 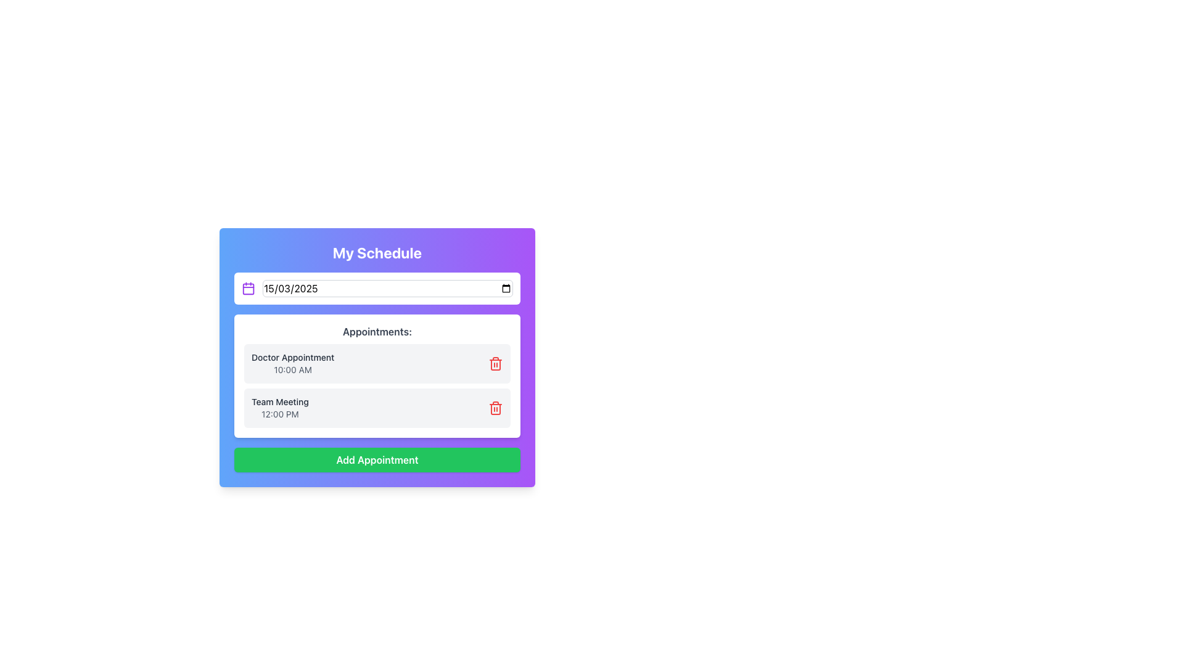 What do you see at coordinates (292, 363) in the screenshot?
I see `the text label that provides information about a scheduled doctor's appointment, located near the top-left corner inside the appointment block above the 'Team Meeting' appointment` at bounding box center [292, 363].